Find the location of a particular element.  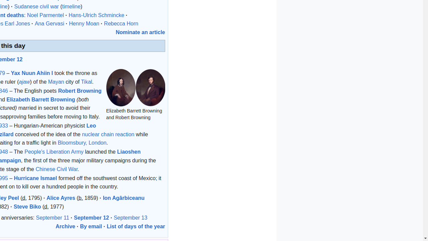

'Bloomsbury, London' is located at coordinates (82, 143).